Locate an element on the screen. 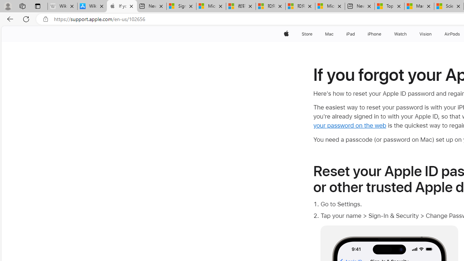 The height and width of the screenshot is (261, 464). 'Mac' is located at coordinates (329, 34).